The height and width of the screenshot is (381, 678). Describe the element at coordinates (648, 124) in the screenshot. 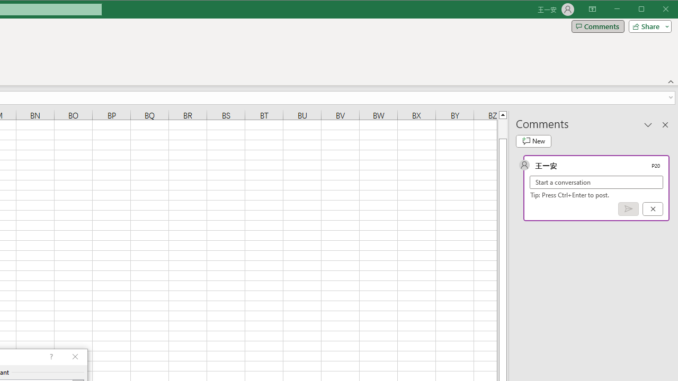

I see `'Task Pane Options'` at that location.